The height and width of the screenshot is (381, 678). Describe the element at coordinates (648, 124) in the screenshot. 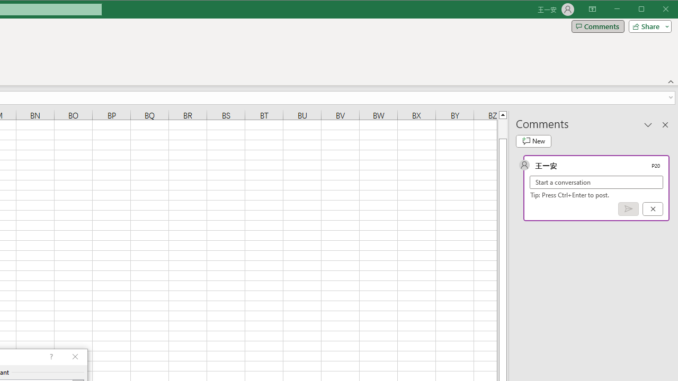

I see `'Task Pane Options'` at that location.